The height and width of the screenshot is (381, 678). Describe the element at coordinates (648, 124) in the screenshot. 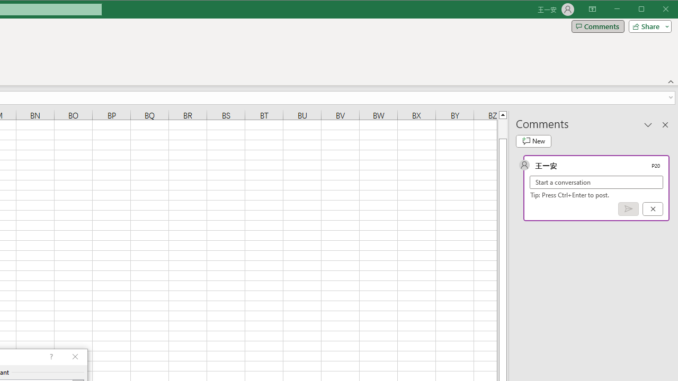

I see `'Task Pane Options'` at that location.